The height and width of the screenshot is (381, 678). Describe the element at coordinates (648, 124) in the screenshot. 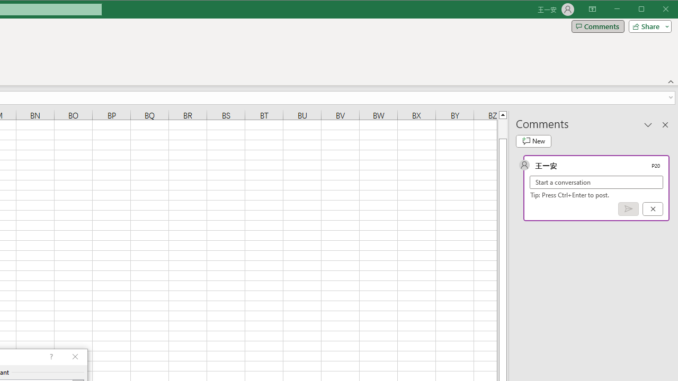

I see `'Task Pane Options'` at that location.